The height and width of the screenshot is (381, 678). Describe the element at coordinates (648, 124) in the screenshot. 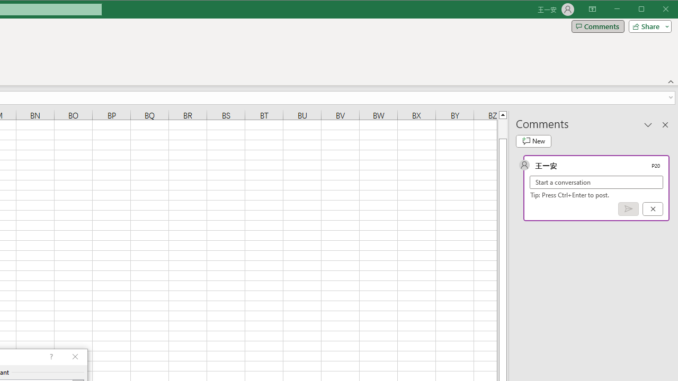

I see `'Task Pane Options'` at that location.